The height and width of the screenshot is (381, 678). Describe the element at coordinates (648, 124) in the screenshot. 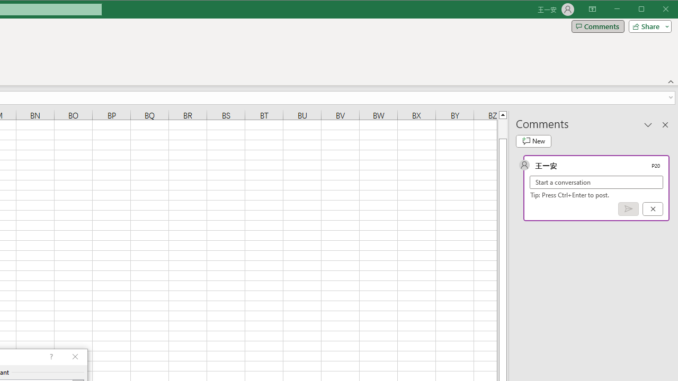

I see `'Task Pane Options'` at that location.